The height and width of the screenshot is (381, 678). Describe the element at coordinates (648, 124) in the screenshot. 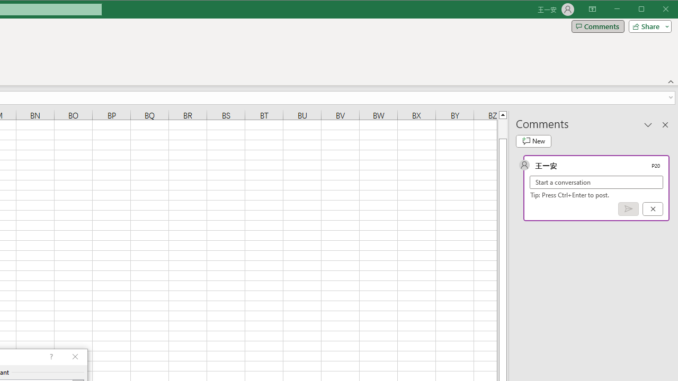

I see `'Task Pane Options'` at that location.